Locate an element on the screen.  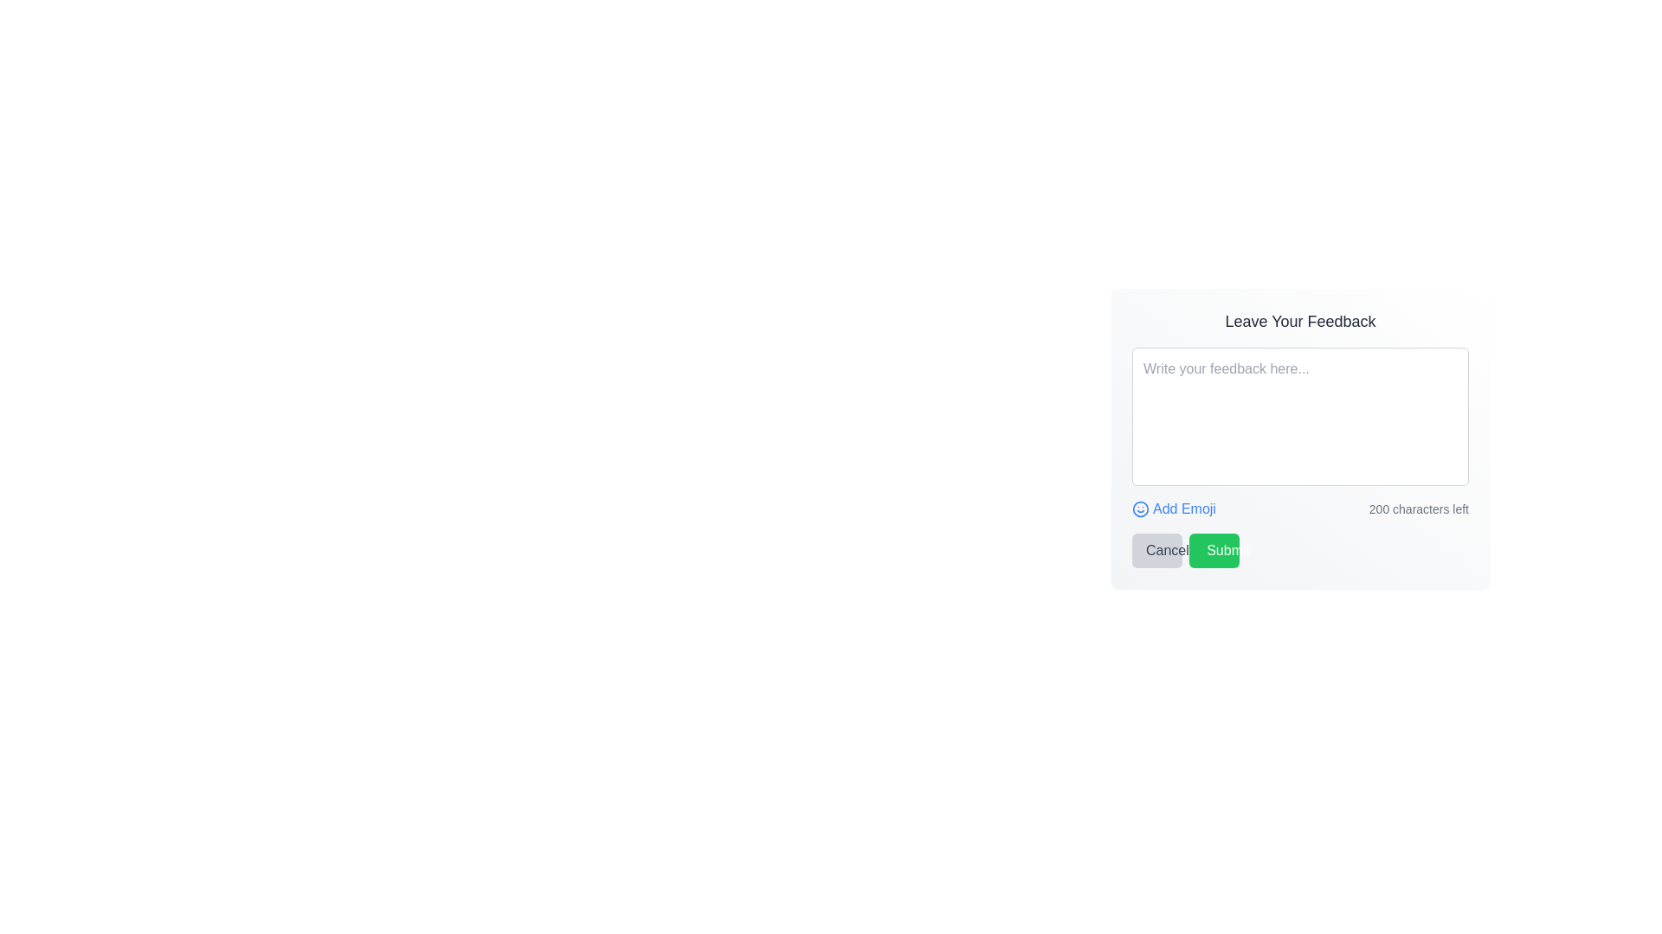
the 'Add Emoji' button, which is styled in blue and located below the feedback text input is located at coordinates (1174, 509).